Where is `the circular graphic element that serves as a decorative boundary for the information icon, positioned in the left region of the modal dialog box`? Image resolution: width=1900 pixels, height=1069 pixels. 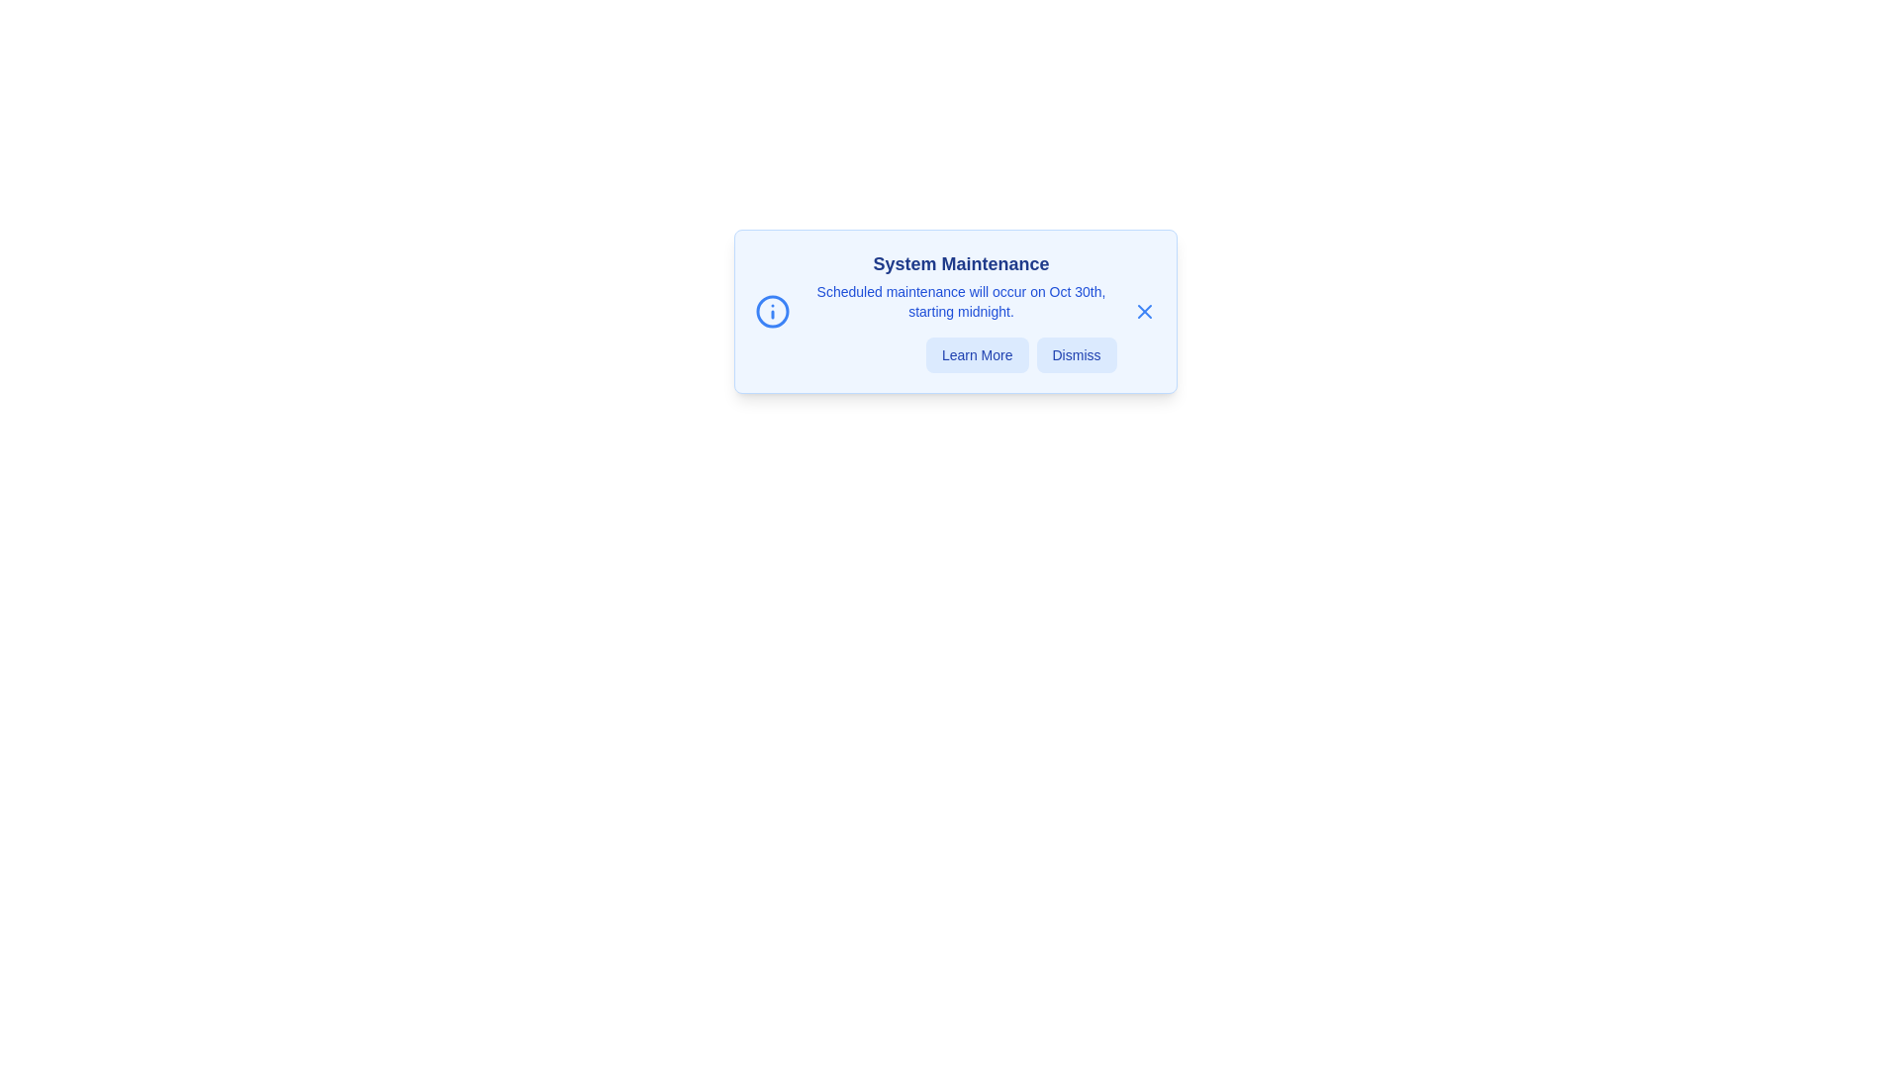 the circular graphic element that serves as a decorative boundary for the information icon, positioned in the left region of the modal dialog box is located at coordinates (771, 312).